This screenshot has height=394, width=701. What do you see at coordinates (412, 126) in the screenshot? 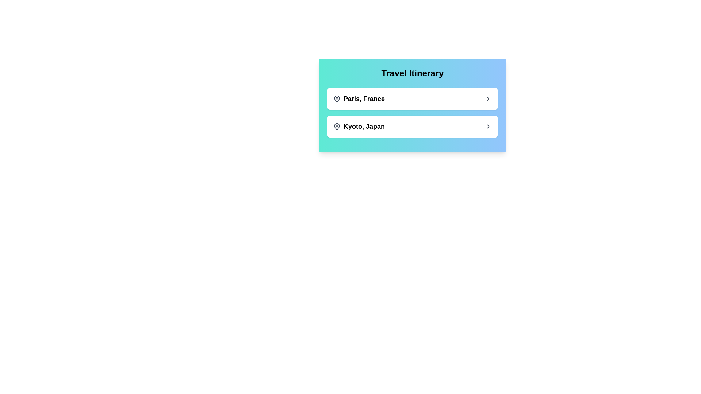
I see `the second list item representing 'Kyoto, Japan' in the travel itinerary section, which is located below 'Paris, France'` at bounding box center [412, 126].